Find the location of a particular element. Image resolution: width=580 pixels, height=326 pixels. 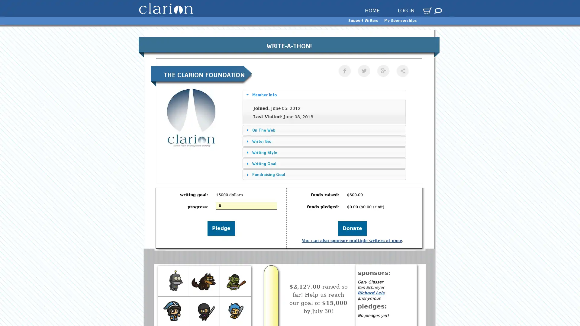

Pledge is located at coordinates (221, 228).